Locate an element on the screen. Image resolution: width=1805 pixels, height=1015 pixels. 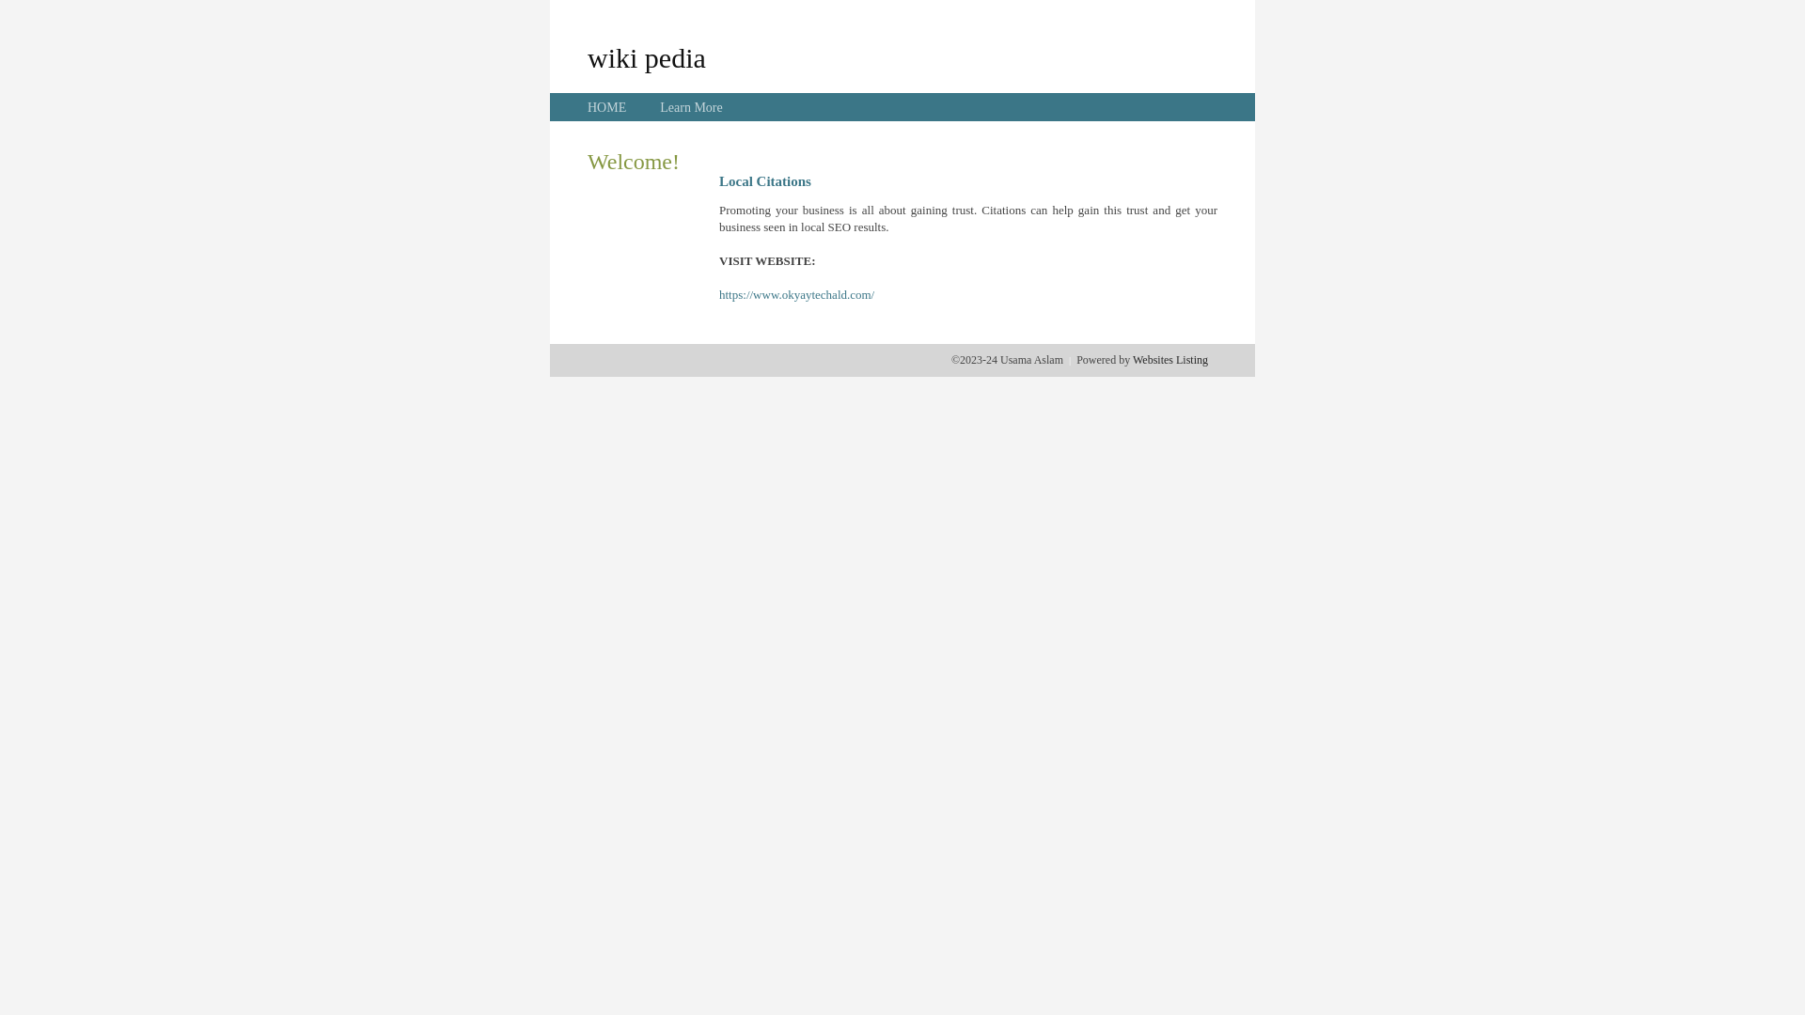
'Websites Listing' is located at coordinates (1169, 359).